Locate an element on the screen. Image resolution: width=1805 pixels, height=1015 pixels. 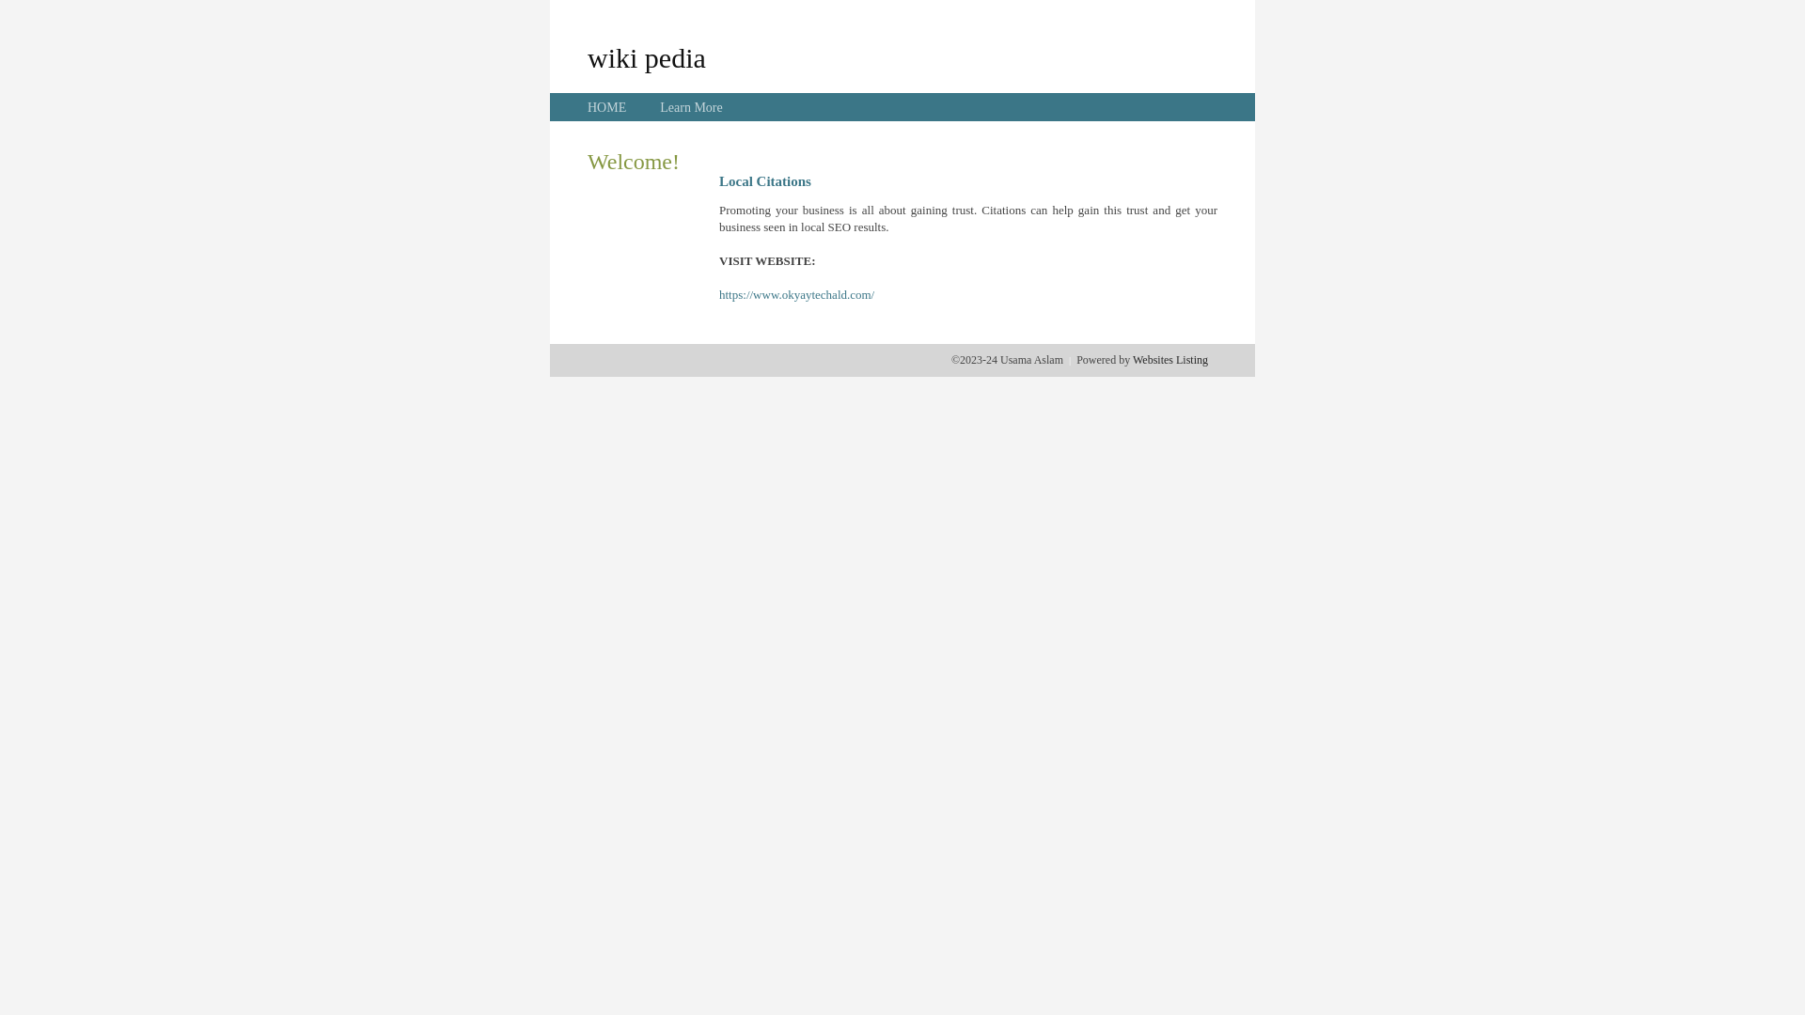
'Websites Listing' is located at coordinates (1169, 359).